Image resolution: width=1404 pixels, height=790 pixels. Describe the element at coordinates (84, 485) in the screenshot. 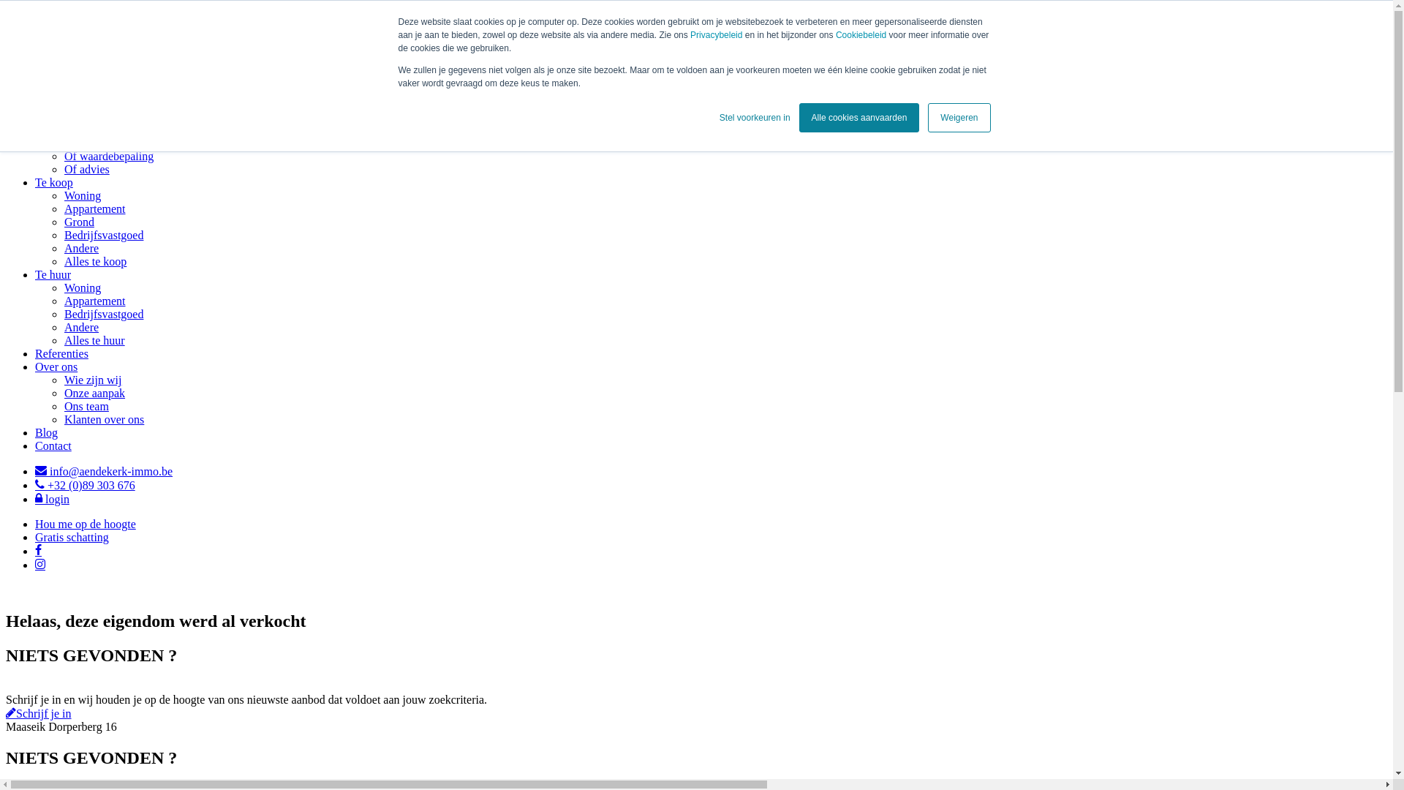

I see `'+32 (0)89 303 676'` at that location.